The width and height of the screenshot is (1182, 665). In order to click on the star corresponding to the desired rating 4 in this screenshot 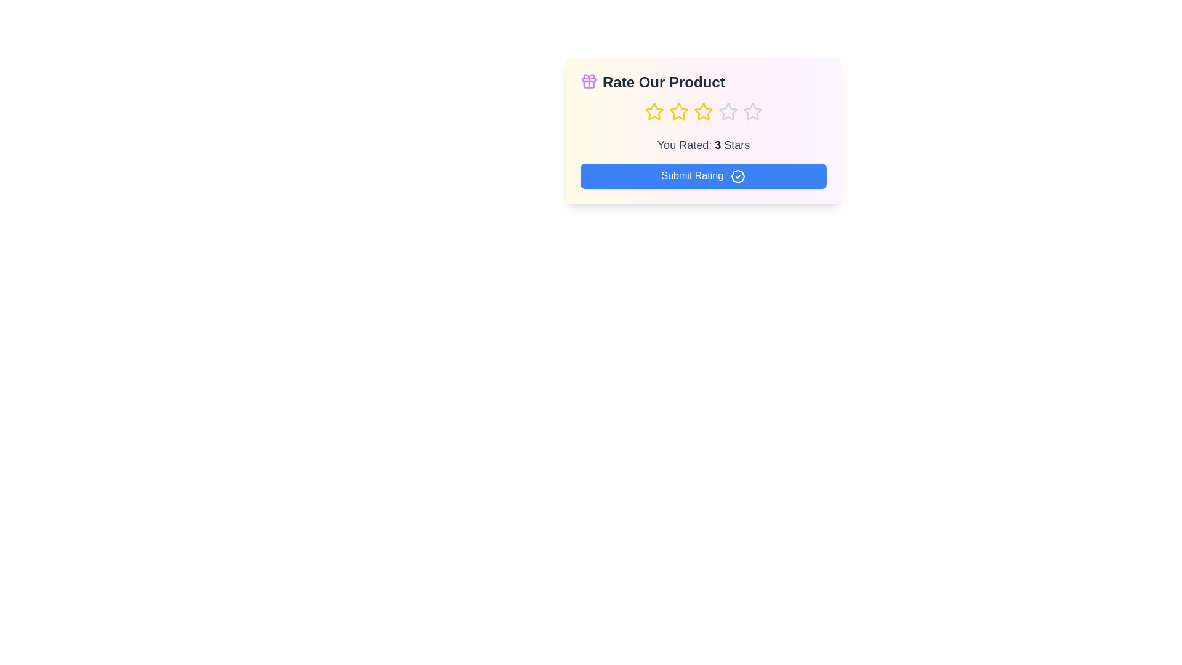, I will do `click(728, 111)`.